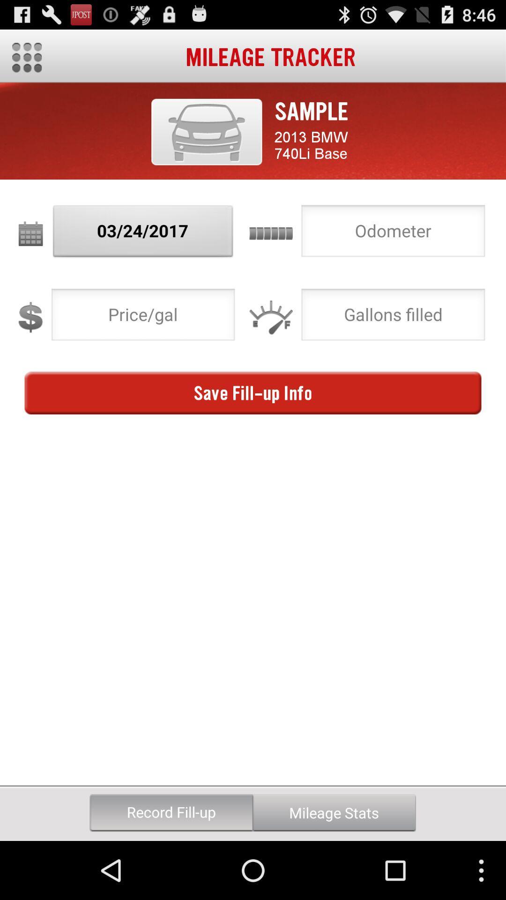 This screenshot has width=506, height=900. I want to click on icon to the left of the mileage tracker, so click(26, 57).